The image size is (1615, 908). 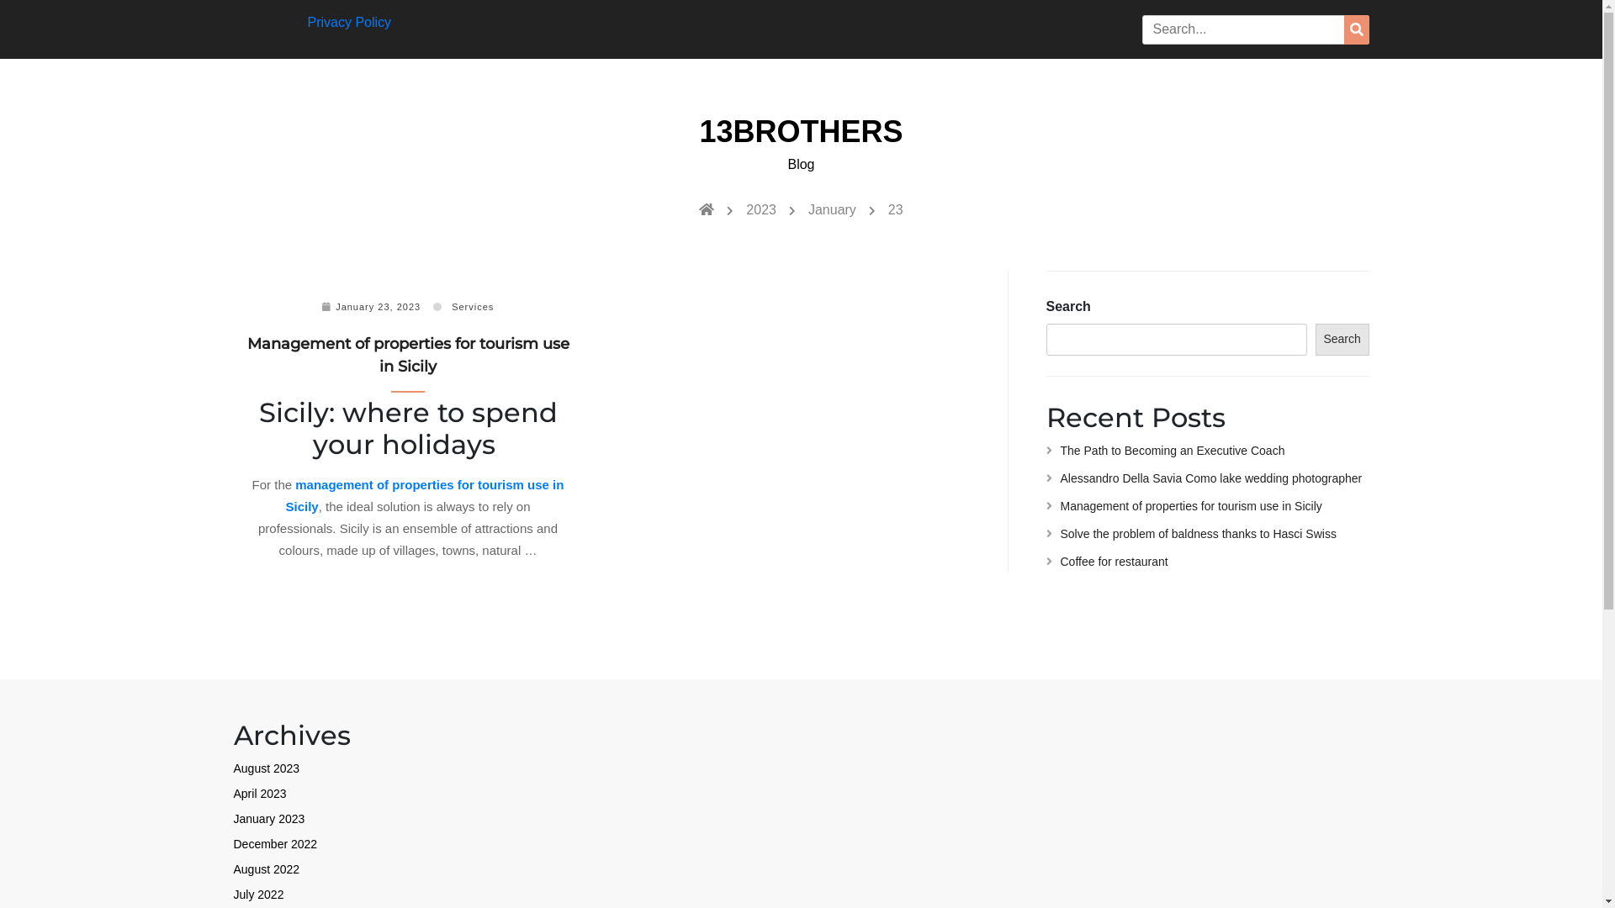 What do you see at coordinates (1045, 534) in the screenshot?
I see `'Solve the problem of baldness thanks to Hasci Swiss'` at bounding box center [1045, 534].